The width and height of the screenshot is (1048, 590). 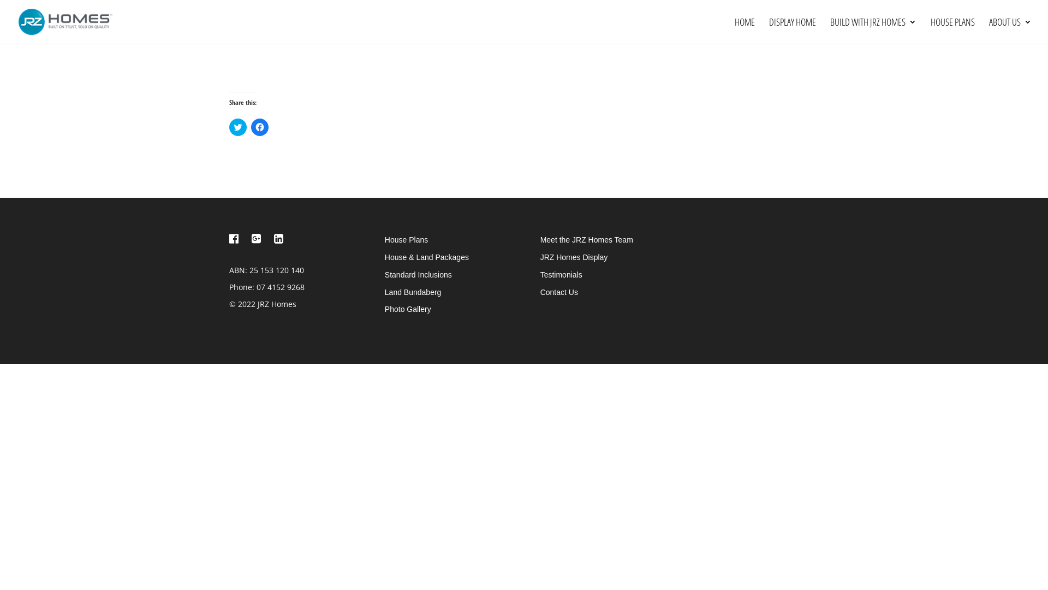 What do you see at coordinates (413, 292) in the screenshot?
I see `'Land Bundaberg'` at bounding box center [413, 292].